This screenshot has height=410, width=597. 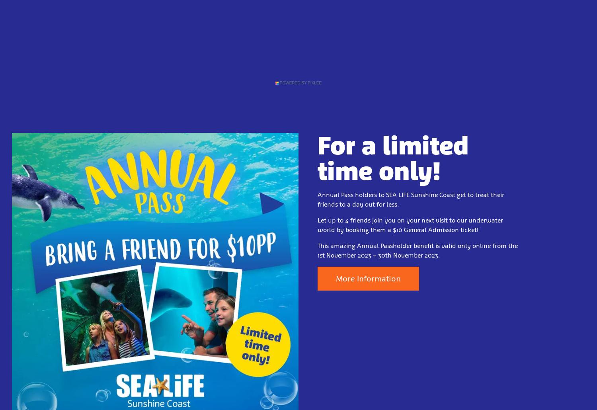 What do you see at coordinates (355, 43) in the screenshot?
I see `'Information'` at bounding box center [355, 43].